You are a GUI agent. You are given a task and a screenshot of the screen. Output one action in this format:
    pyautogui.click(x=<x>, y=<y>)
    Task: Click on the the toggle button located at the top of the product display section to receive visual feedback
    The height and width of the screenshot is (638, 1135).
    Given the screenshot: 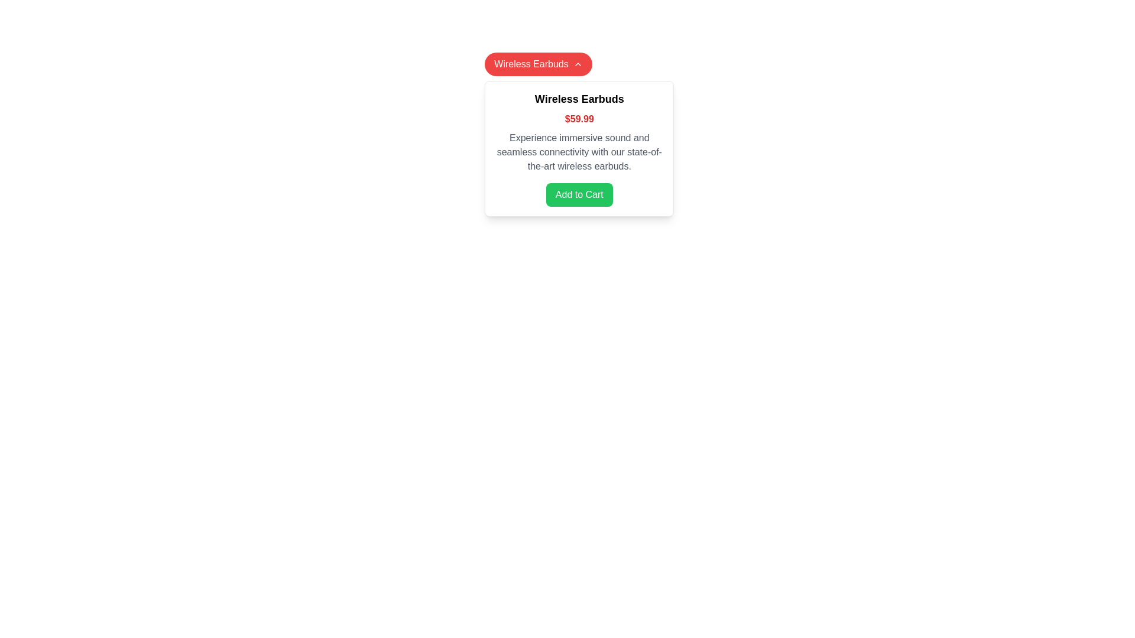 What is the action you would take?
    pyautogui.click(x=538, y=64)
    